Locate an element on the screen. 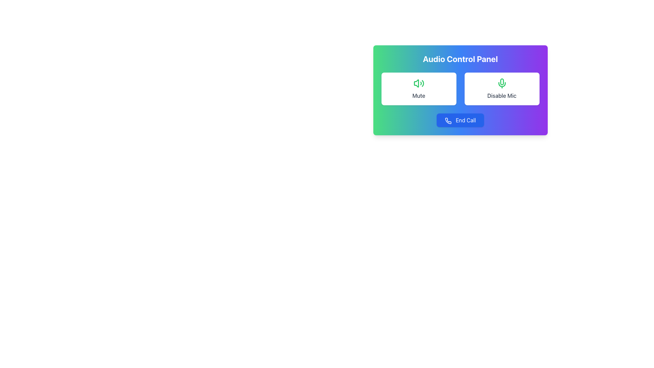 This screenshot has width=654, height=368. the mute audio button located in the Audio Control Panel is located at coordinates (418, 89).